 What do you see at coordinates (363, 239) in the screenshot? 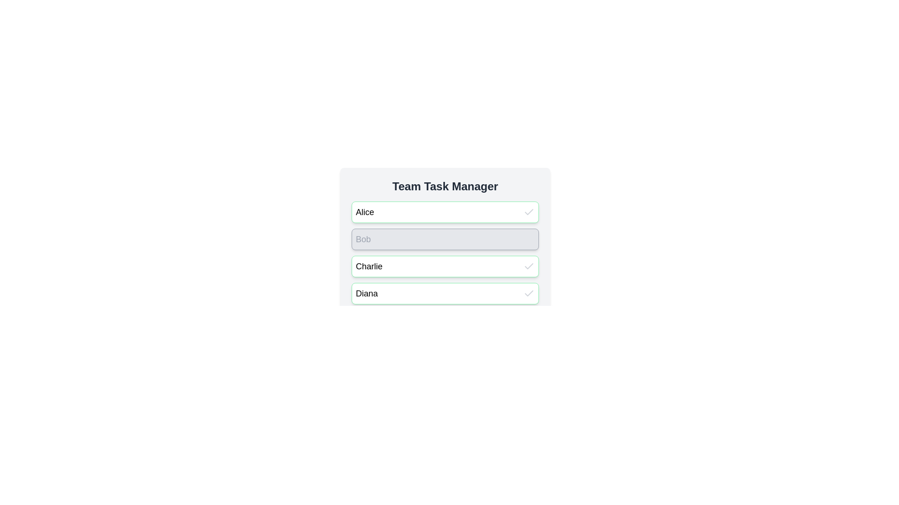
I see `the Text Label identifying 'Bob', which is positioned in the second row of the vertically stacked list, located between the items labeled 'Alice' and 'Charlie'` at bounding box center [363, 239].